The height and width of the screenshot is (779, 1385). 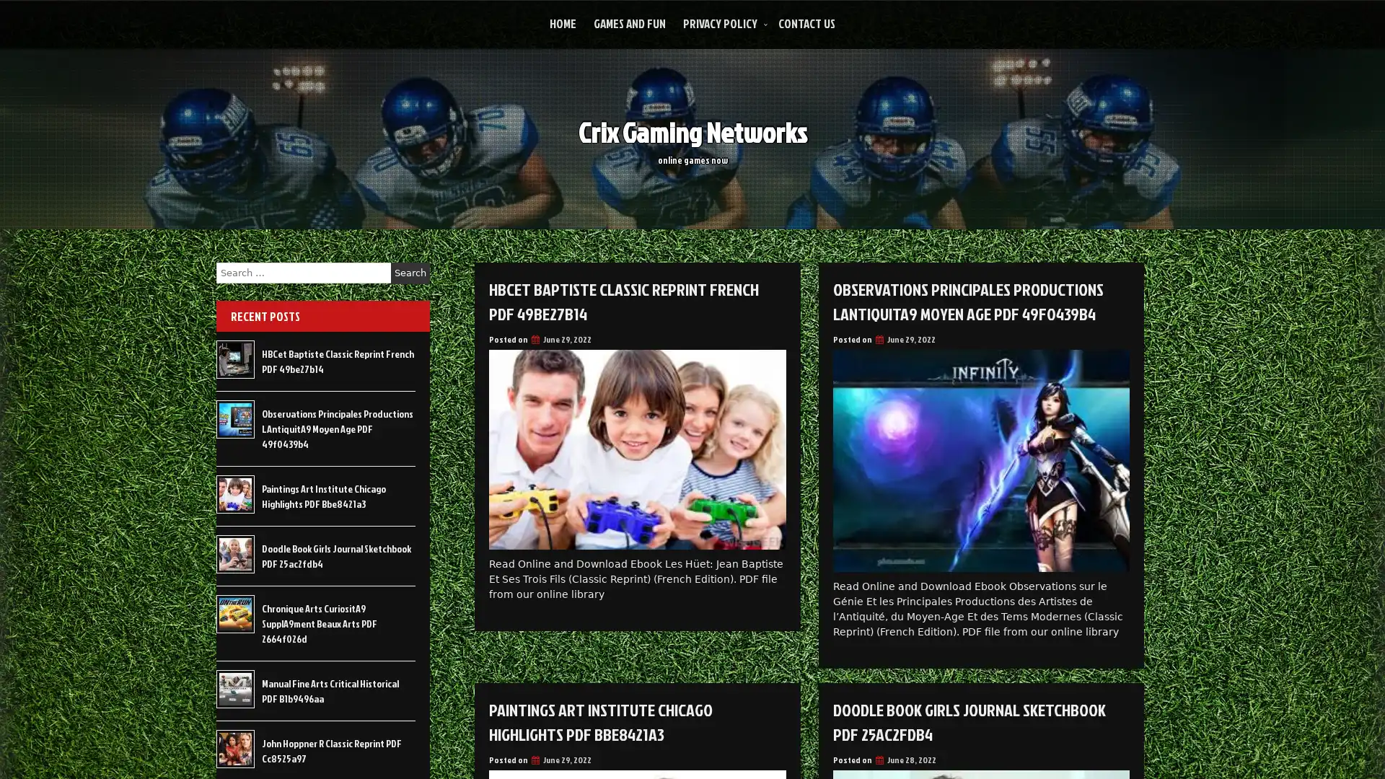 What do you see at coordinates (410, 273) in the screenshot?
I see `Search` at bounding box center [410, 273].